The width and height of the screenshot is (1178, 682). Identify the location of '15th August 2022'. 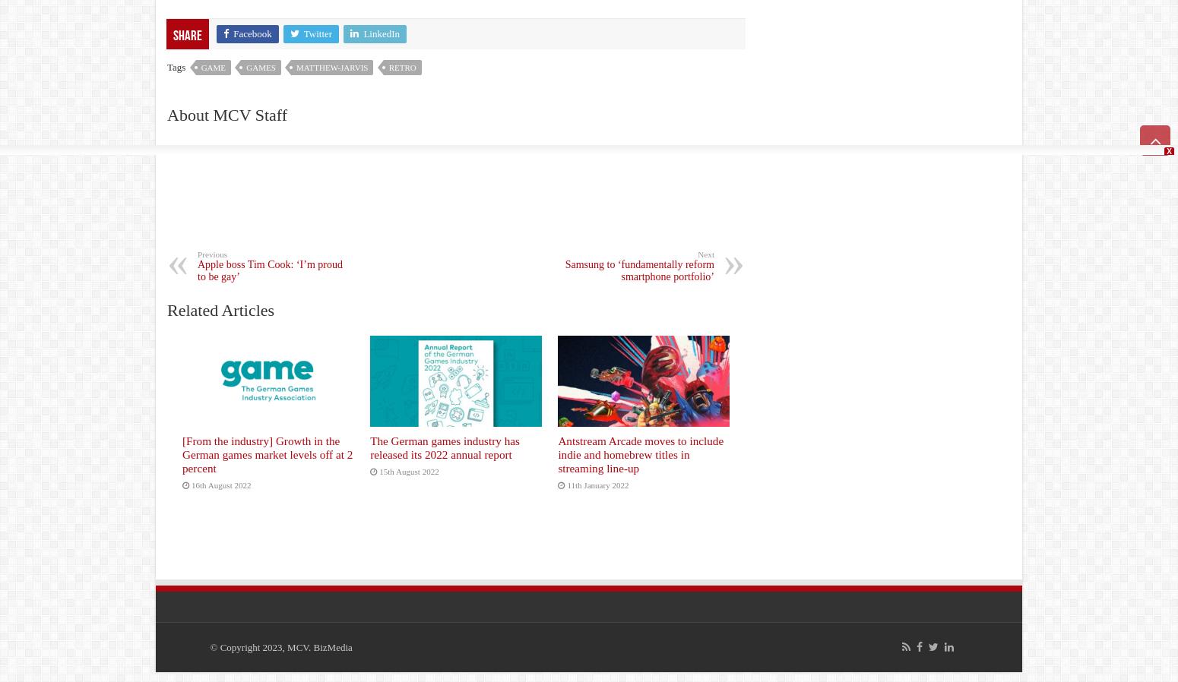
(408, 470).